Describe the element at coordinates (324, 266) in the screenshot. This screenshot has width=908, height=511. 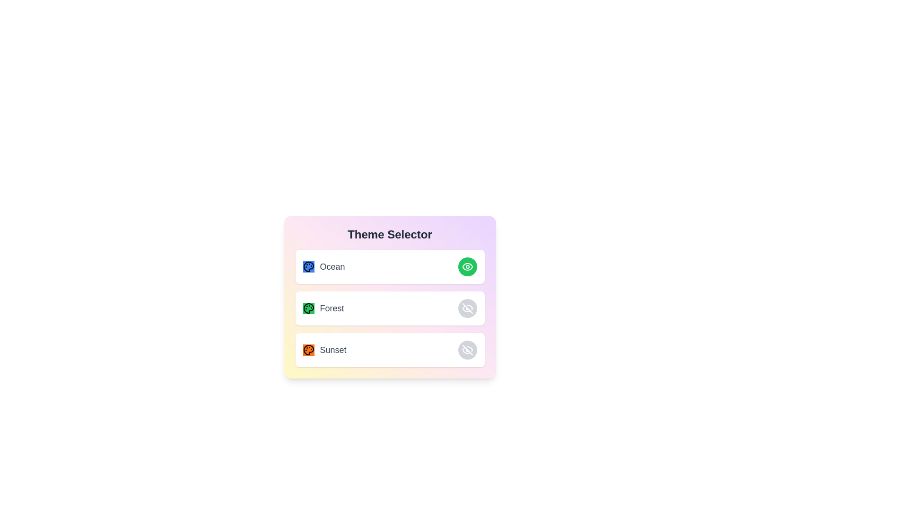
I see `the text of the theme name 'Ocean'` at that location.